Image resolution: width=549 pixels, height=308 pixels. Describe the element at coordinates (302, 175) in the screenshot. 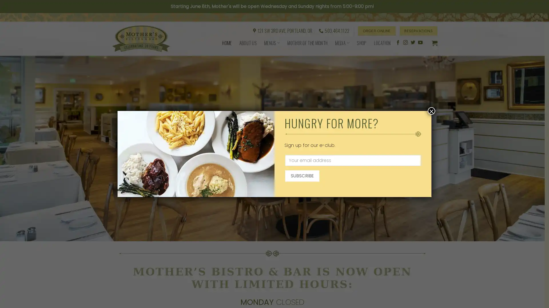

I see `SUBSCRIBE` at that location.